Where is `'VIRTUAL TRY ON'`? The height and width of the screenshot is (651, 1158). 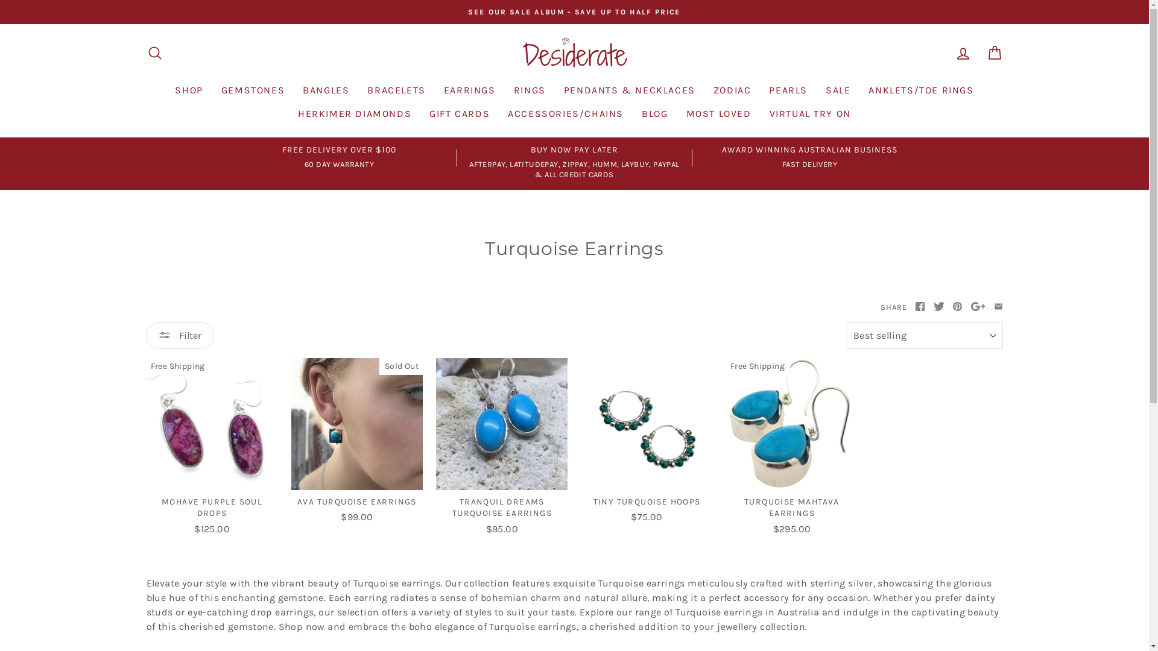 'VIRTUAL TRY ON' is located at coordinates (759, 113).